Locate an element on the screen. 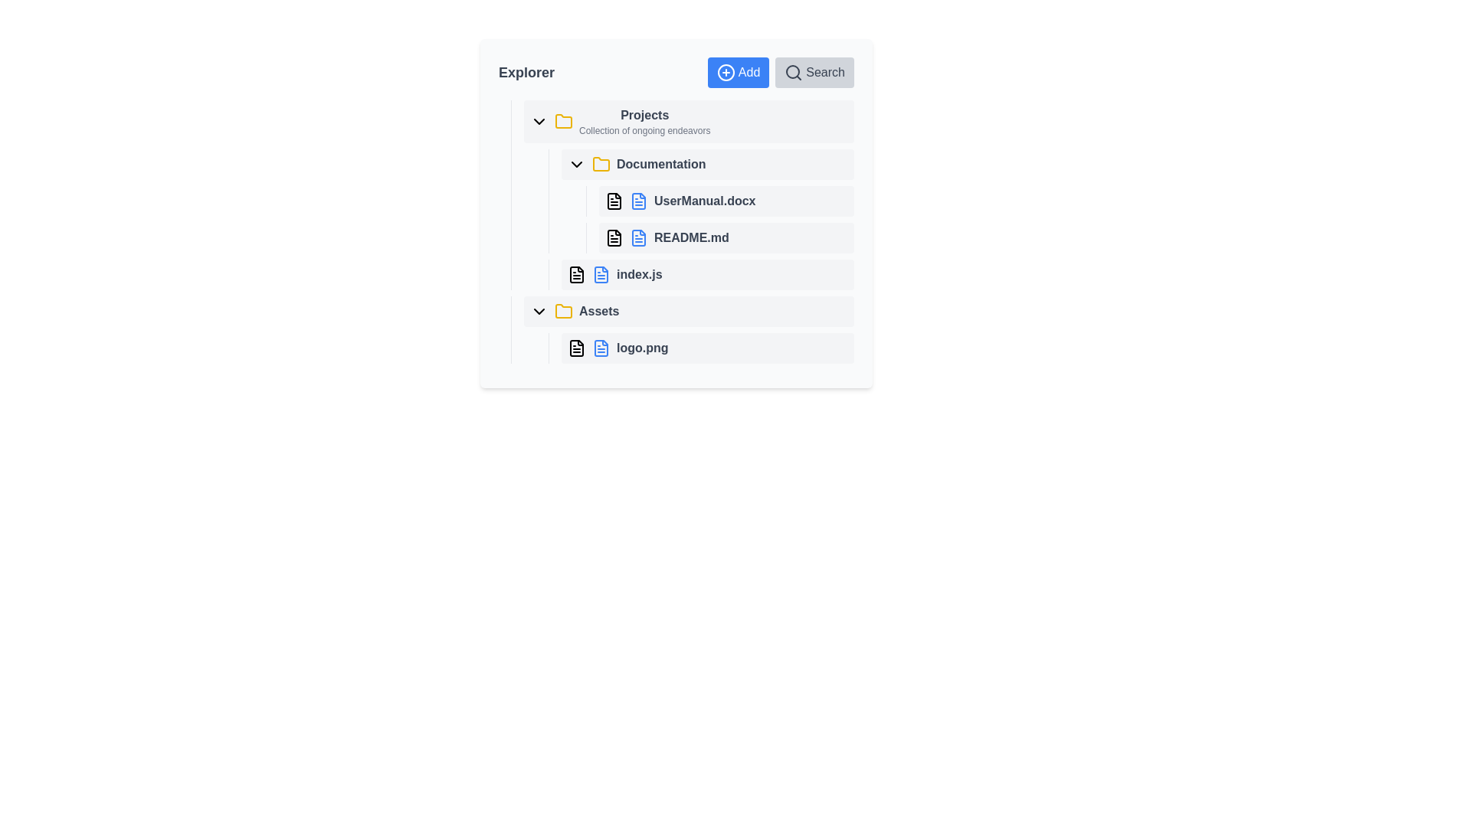 Image resolution: width=1471 pixels, height=827 pixels. the 'Search' text label located in the top-right corner of the interface for accessibility navigation is located at coordinates (824, 73).